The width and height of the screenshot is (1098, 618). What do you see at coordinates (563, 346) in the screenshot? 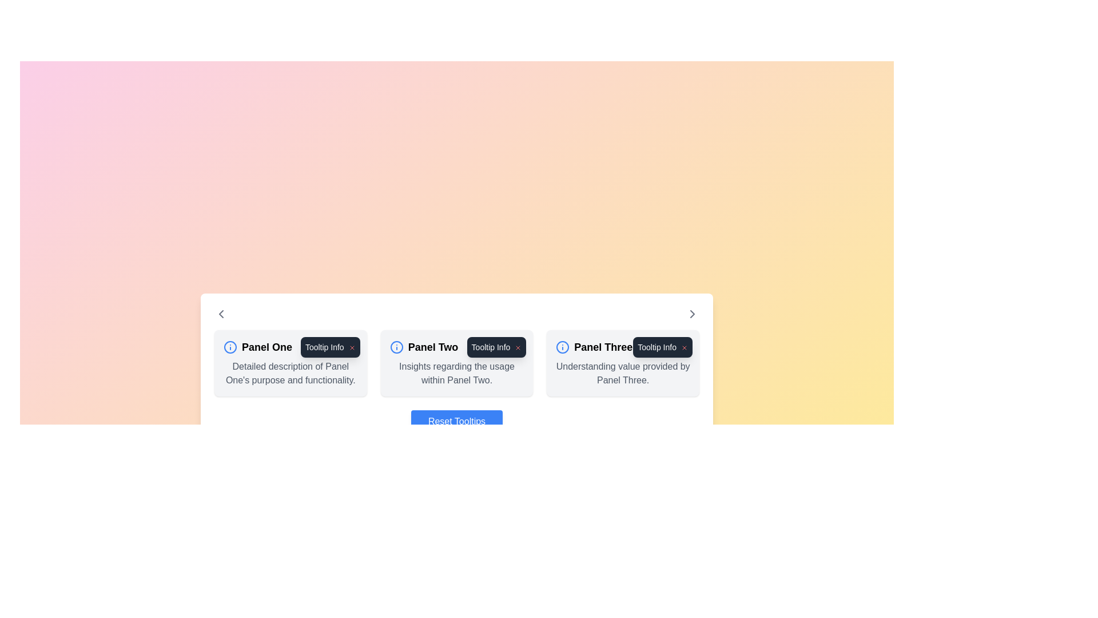
I see `the informational icon located at the top-left corner of 'Panel Three', which provides additional details or context when interacted with` at bounding box center [563, 346].